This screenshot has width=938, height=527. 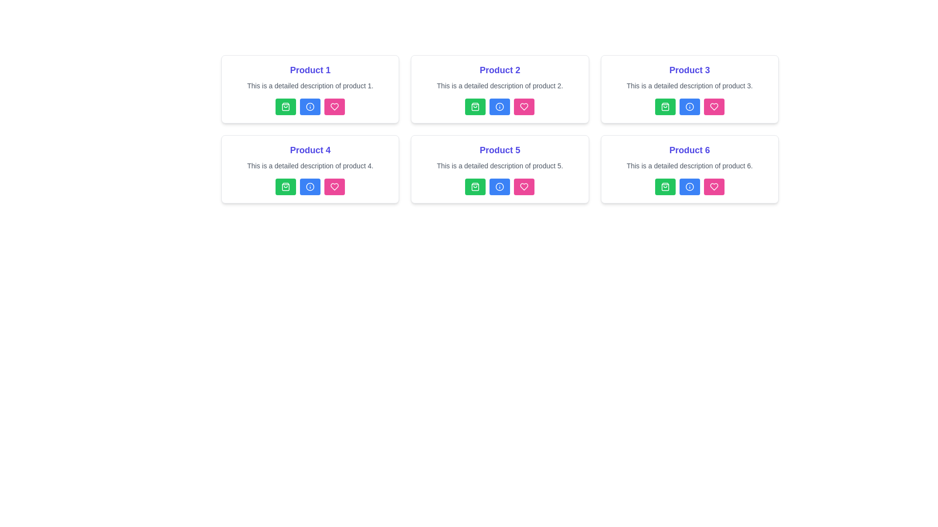 What do you see at coordinates (310, 186) in the screenshot?
I see `the rounded blue button with a white information icon located below 'Product 4'` at bounding box center [310, 186].